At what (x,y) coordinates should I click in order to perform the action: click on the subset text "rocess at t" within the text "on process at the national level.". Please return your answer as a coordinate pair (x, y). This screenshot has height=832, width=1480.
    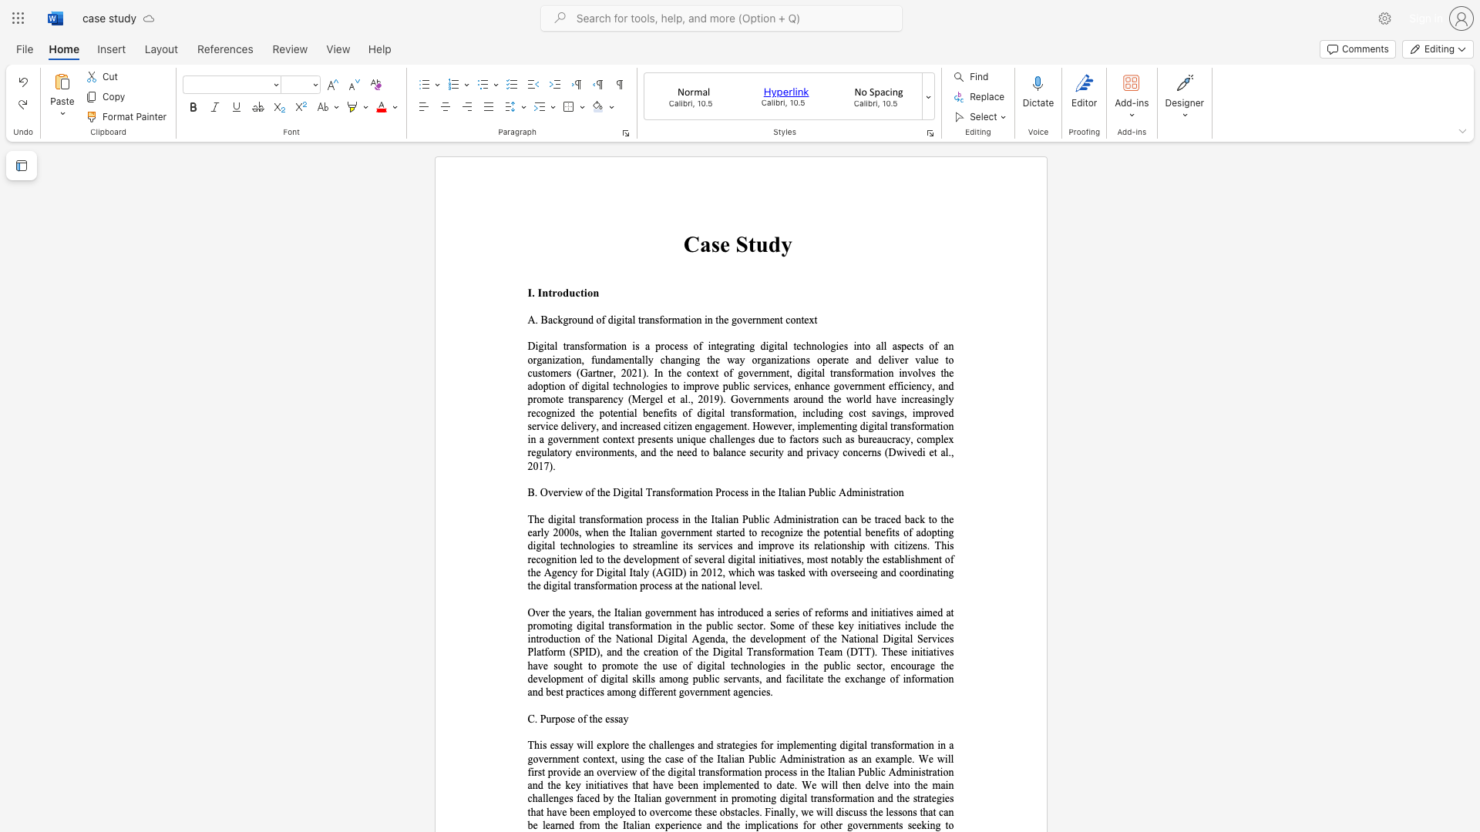
    Looking at the image, I should click on (645, 585).